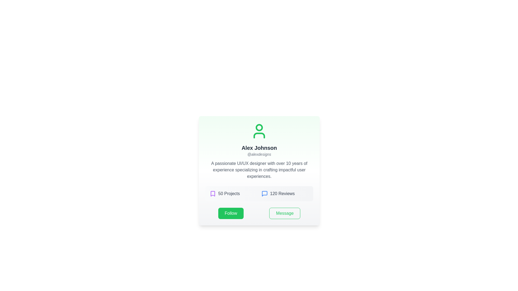  I want to click on the icon representing 'projects', located to the left of the text '50 Projects', so click(212, 193).